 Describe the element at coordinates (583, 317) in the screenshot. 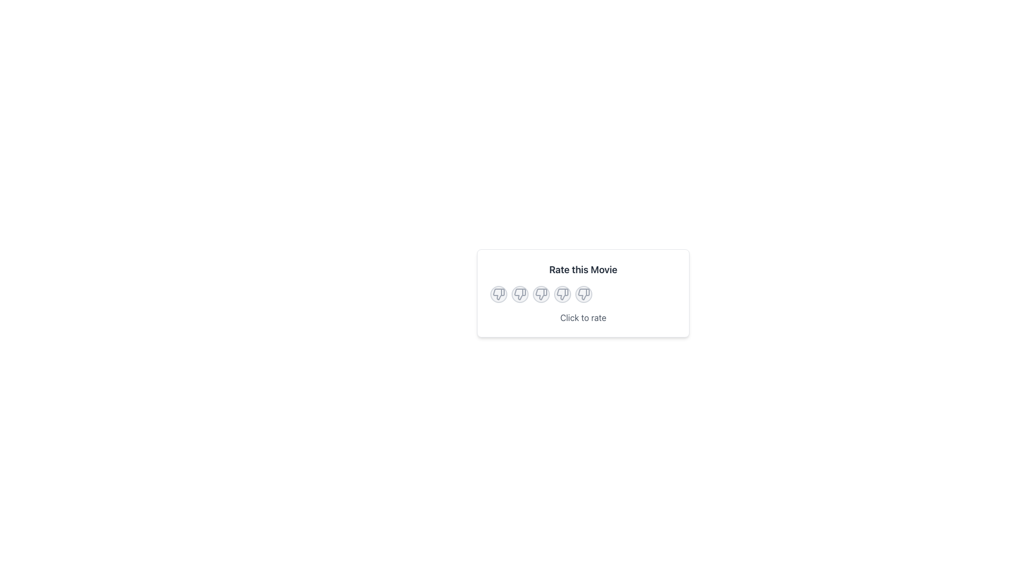

I see `the descriptive text label located below the thumbs-up/thumbs-down icons in the 'Rate this Movie' card` at that location.